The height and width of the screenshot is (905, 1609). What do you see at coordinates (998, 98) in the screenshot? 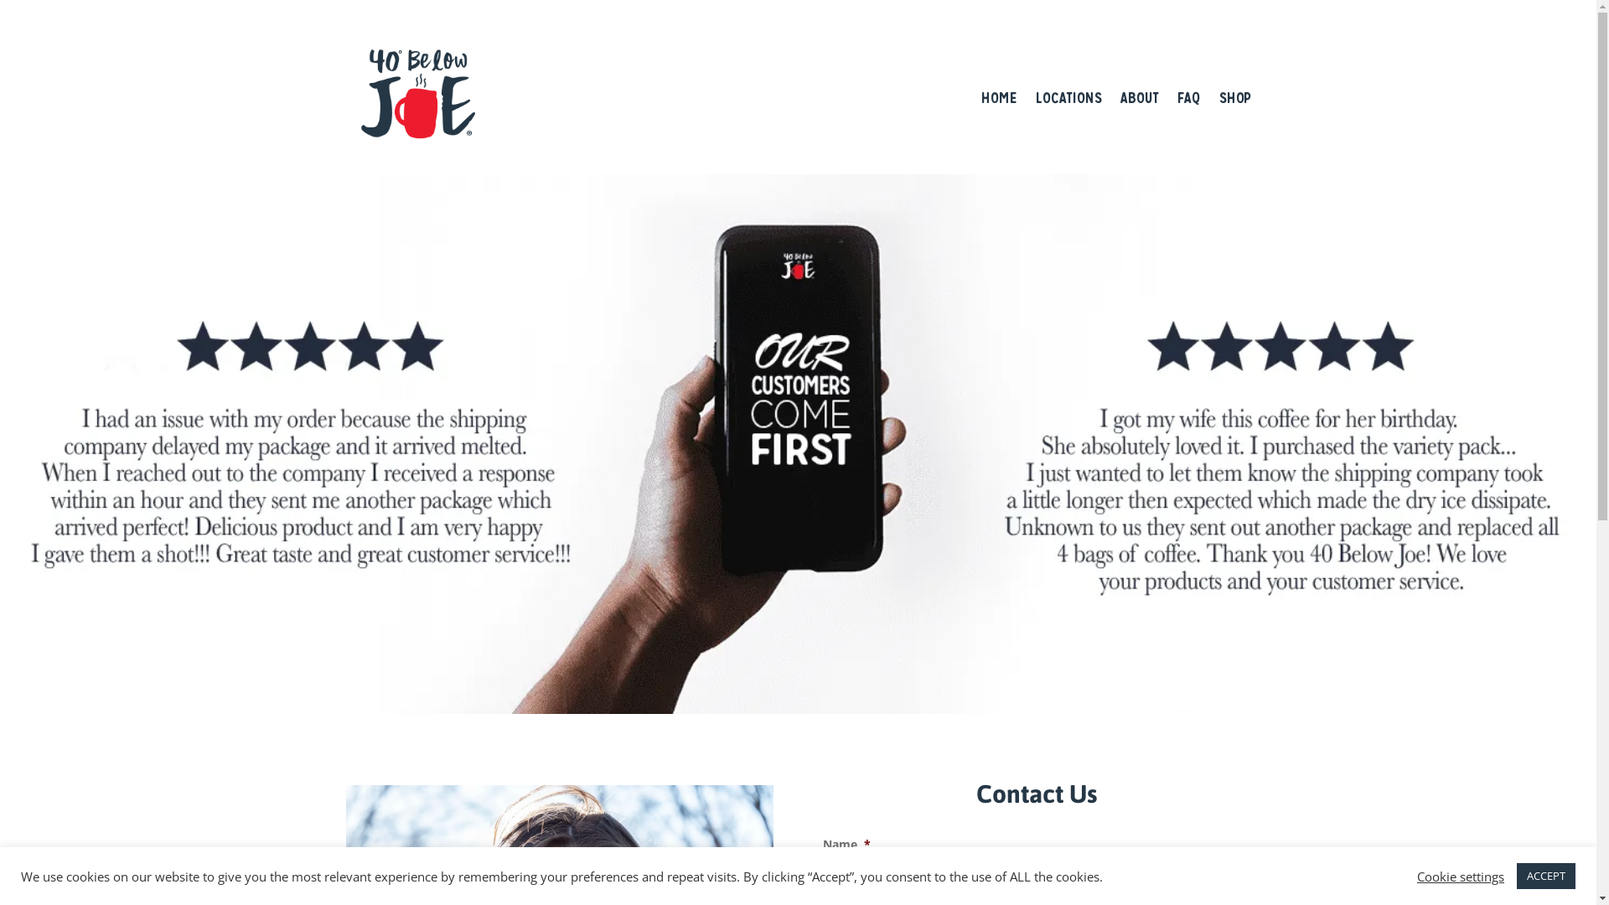
I see `'HOME'` at bounding box center [998, 98].